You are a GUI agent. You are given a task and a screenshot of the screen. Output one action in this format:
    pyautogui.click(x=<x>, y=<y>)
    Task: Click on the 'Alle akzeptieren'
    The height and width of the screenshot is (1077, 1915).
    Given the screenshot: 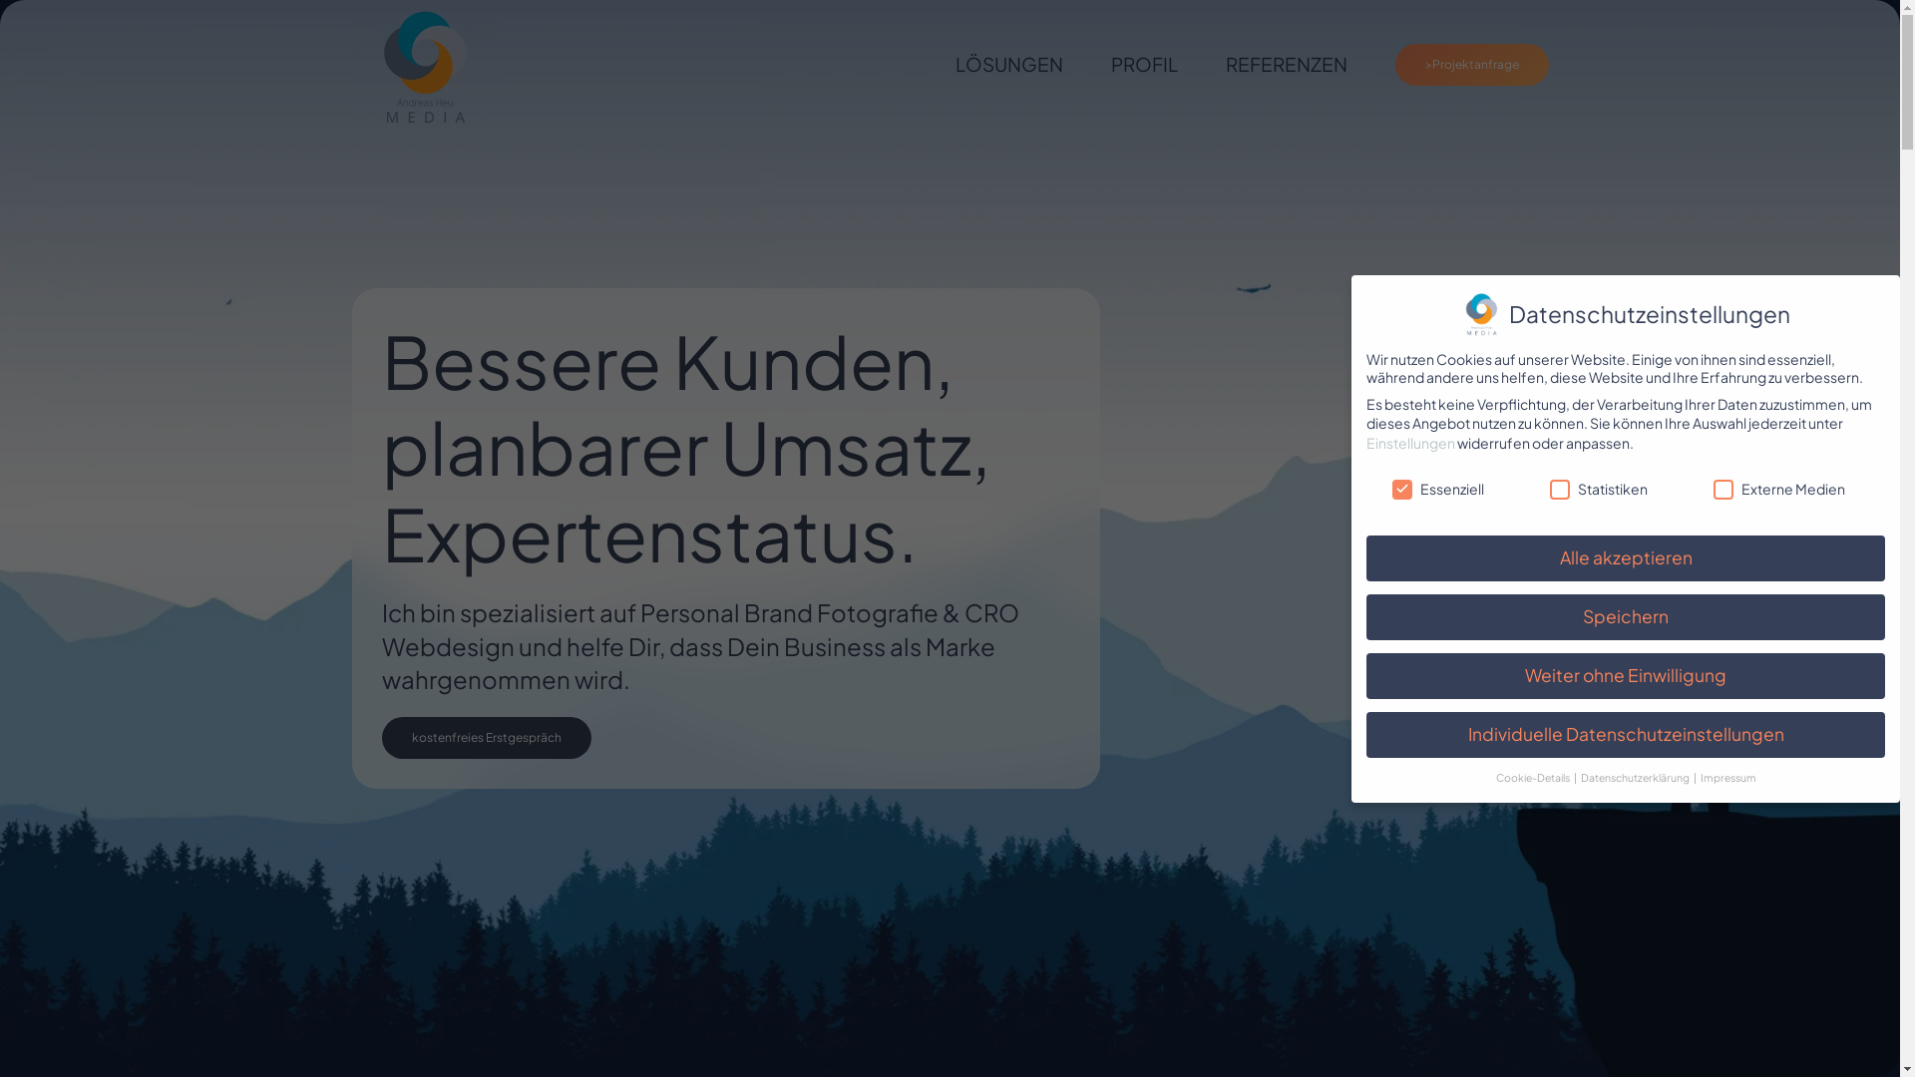 What is the action you would take?
    pyautogui.click(x=1626, y=557)
    